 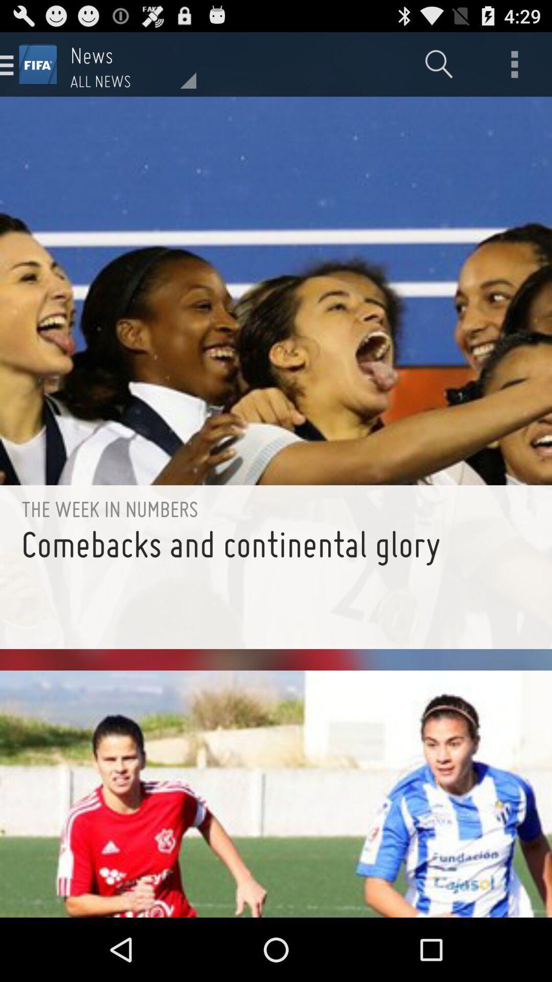 I want to click on the the week in item, so click(x=276, y=509).